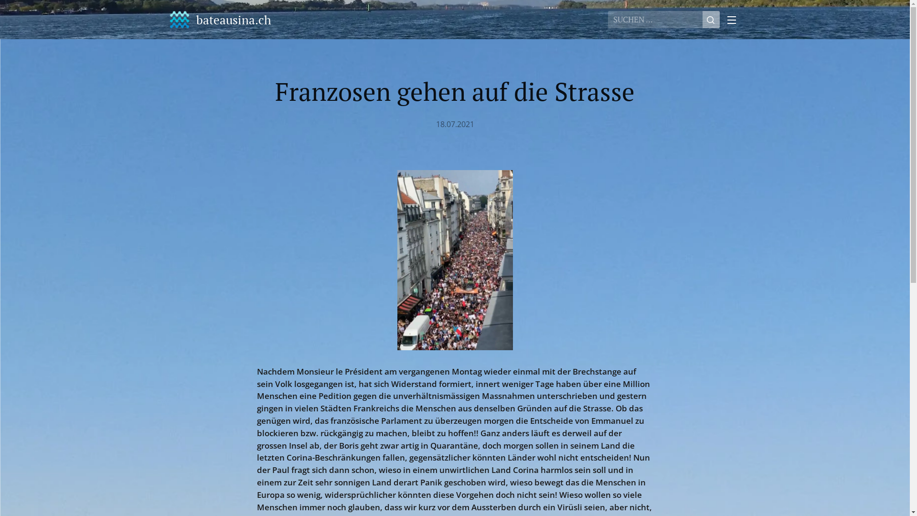 This screenshot has width=917, height=516. Describe the element at coordinates (220, 20) in the screenshot. I see `'bateausina.ch'` at that location.